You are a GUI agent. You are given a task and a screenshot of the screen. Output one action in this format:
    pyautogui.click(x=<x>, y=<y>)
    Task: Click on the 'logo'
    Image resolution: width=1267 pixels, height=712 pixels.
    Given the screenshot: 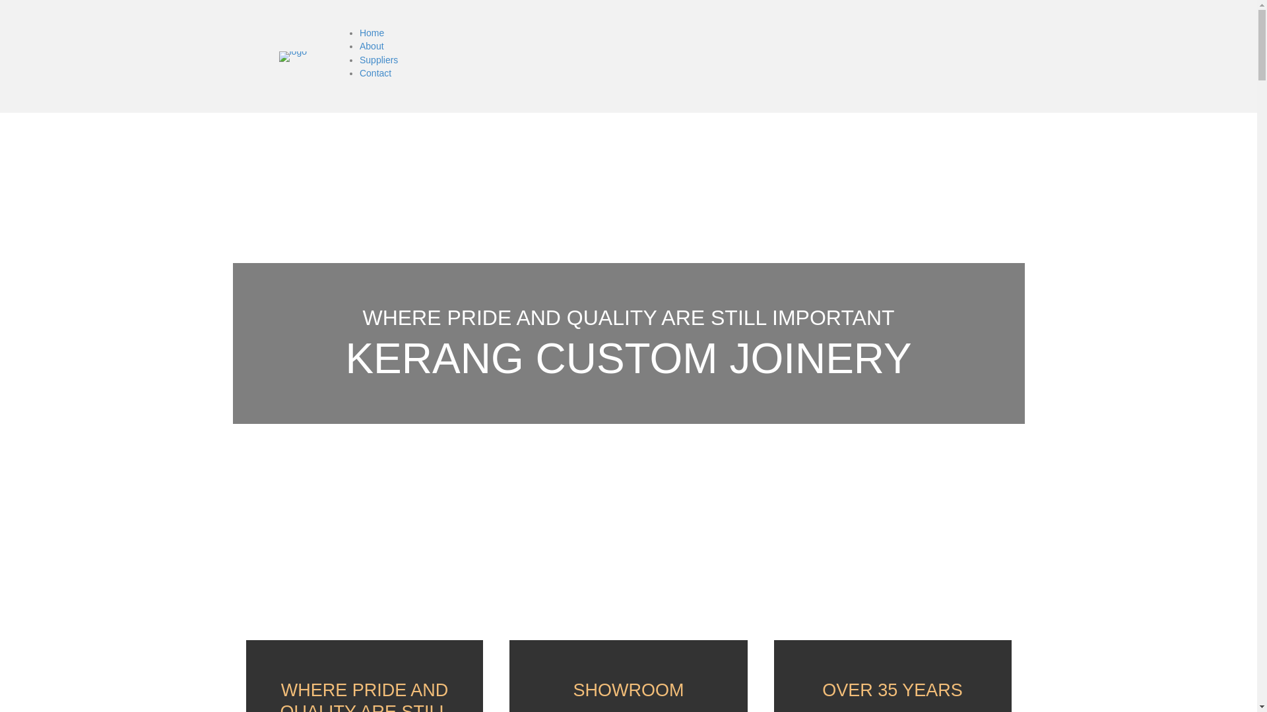 What is the action you would take?
    pyautogui.click(x=291, y=55)
    